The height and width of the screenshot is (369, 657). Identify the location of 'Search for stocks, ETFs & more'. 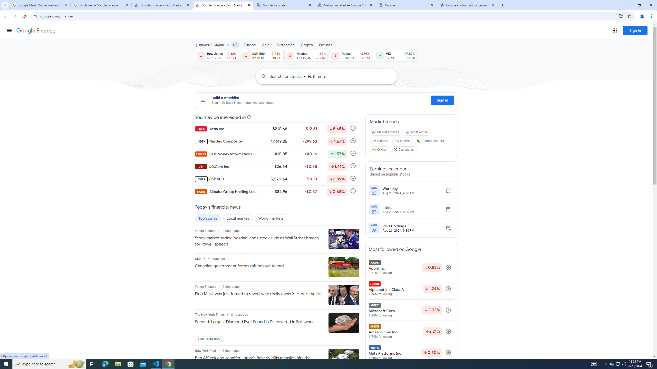
(333, 76).